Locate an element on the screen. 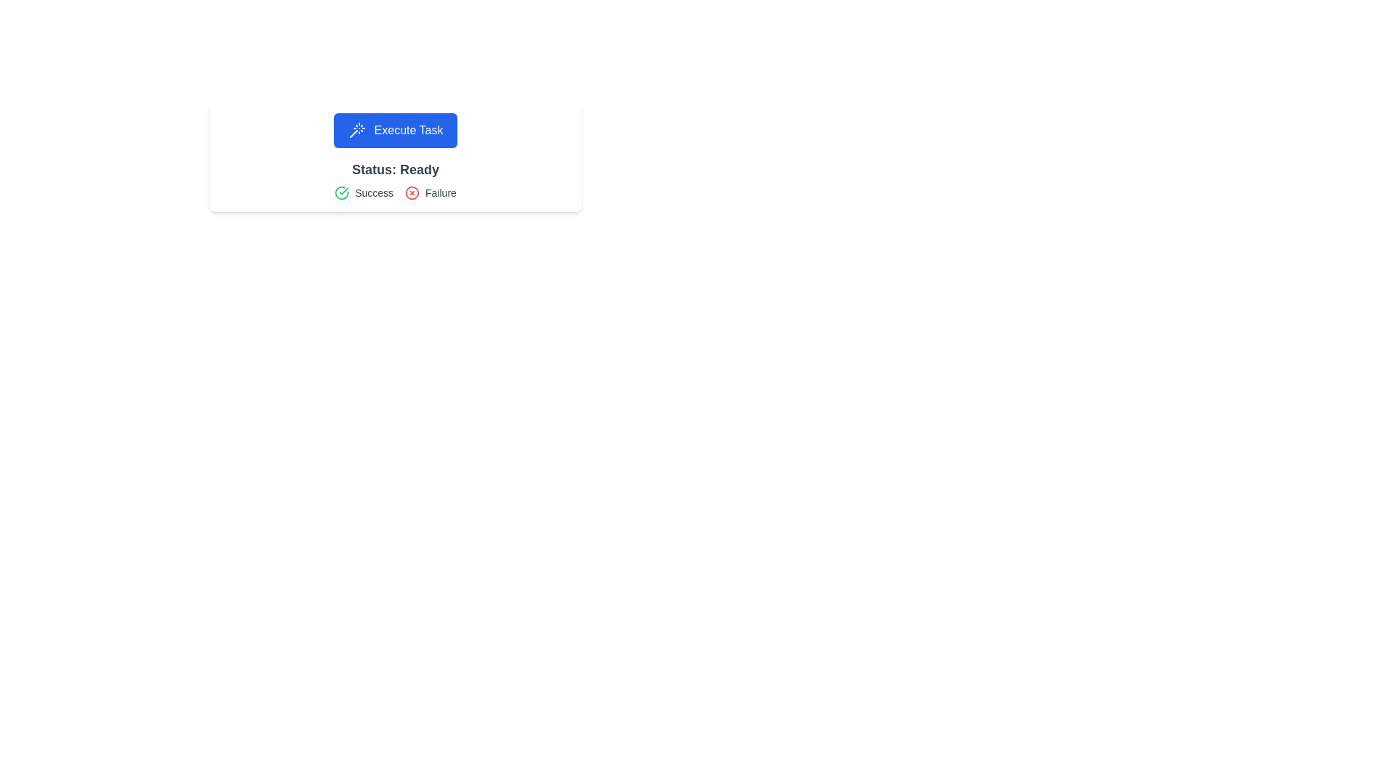 The width and height of the screenshot is (1394, 784). the red circular SVG element that is part of an icon located to the right of the 'Failure' label under the status section is located at coordinates (412, 192).